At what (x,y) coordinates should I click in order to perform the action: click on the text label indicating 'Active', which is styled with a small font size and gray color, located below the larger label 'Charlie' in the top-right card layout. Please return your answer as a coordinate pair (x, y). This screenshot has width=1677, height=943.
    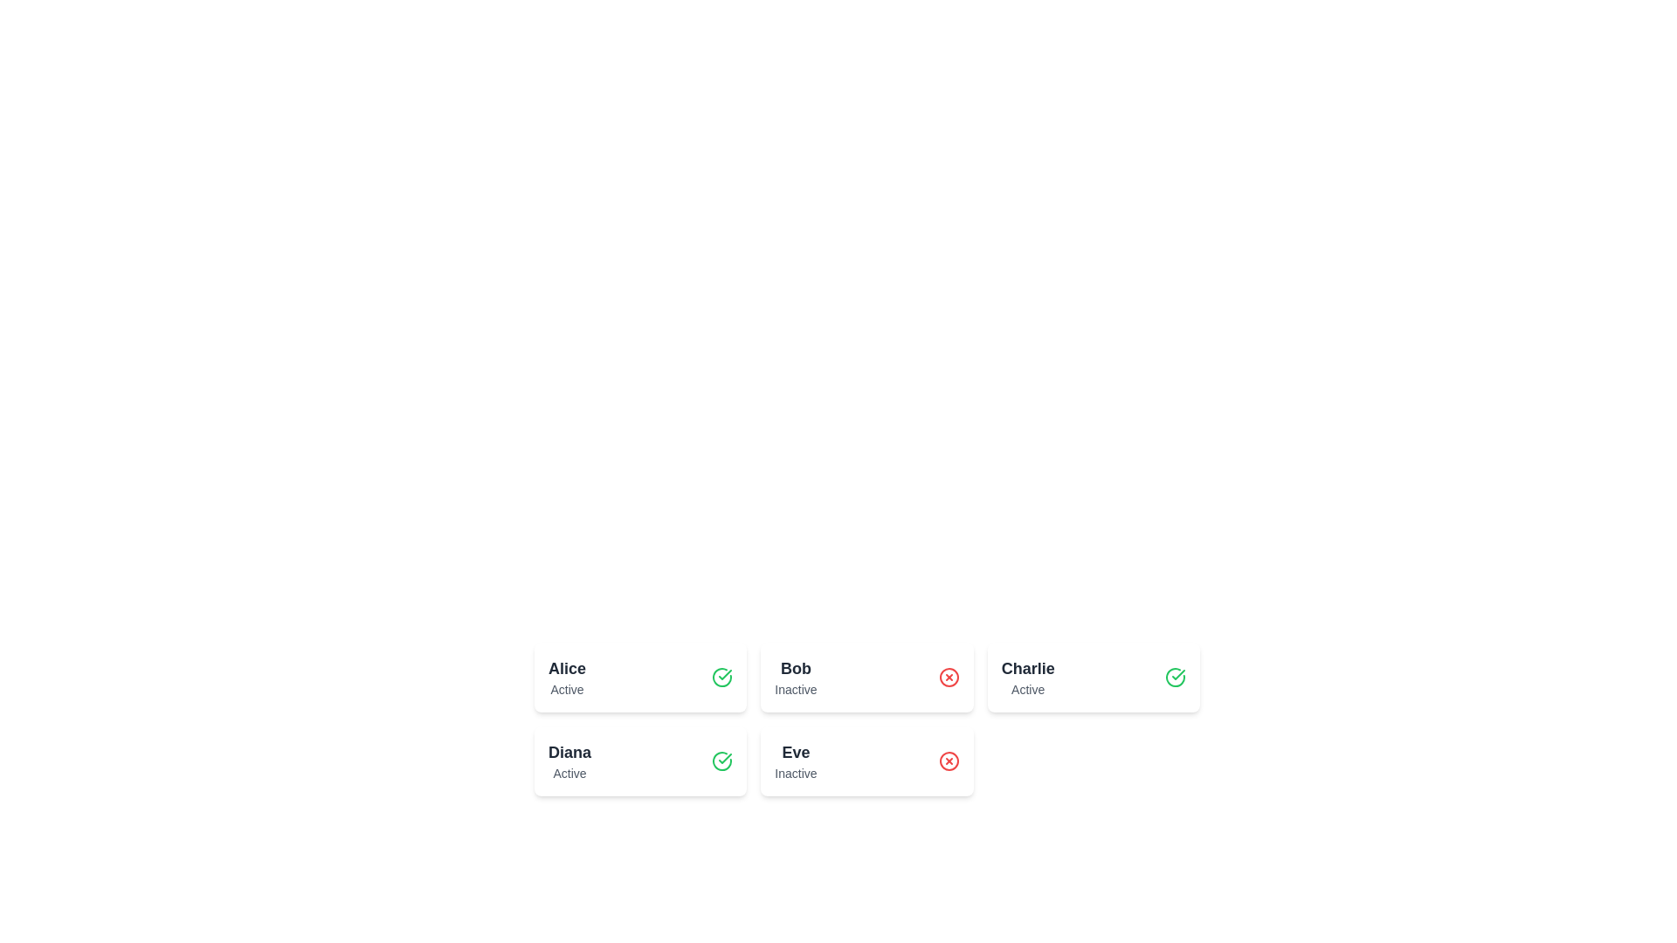
    Looking at the image, I should click on (1028, 689).